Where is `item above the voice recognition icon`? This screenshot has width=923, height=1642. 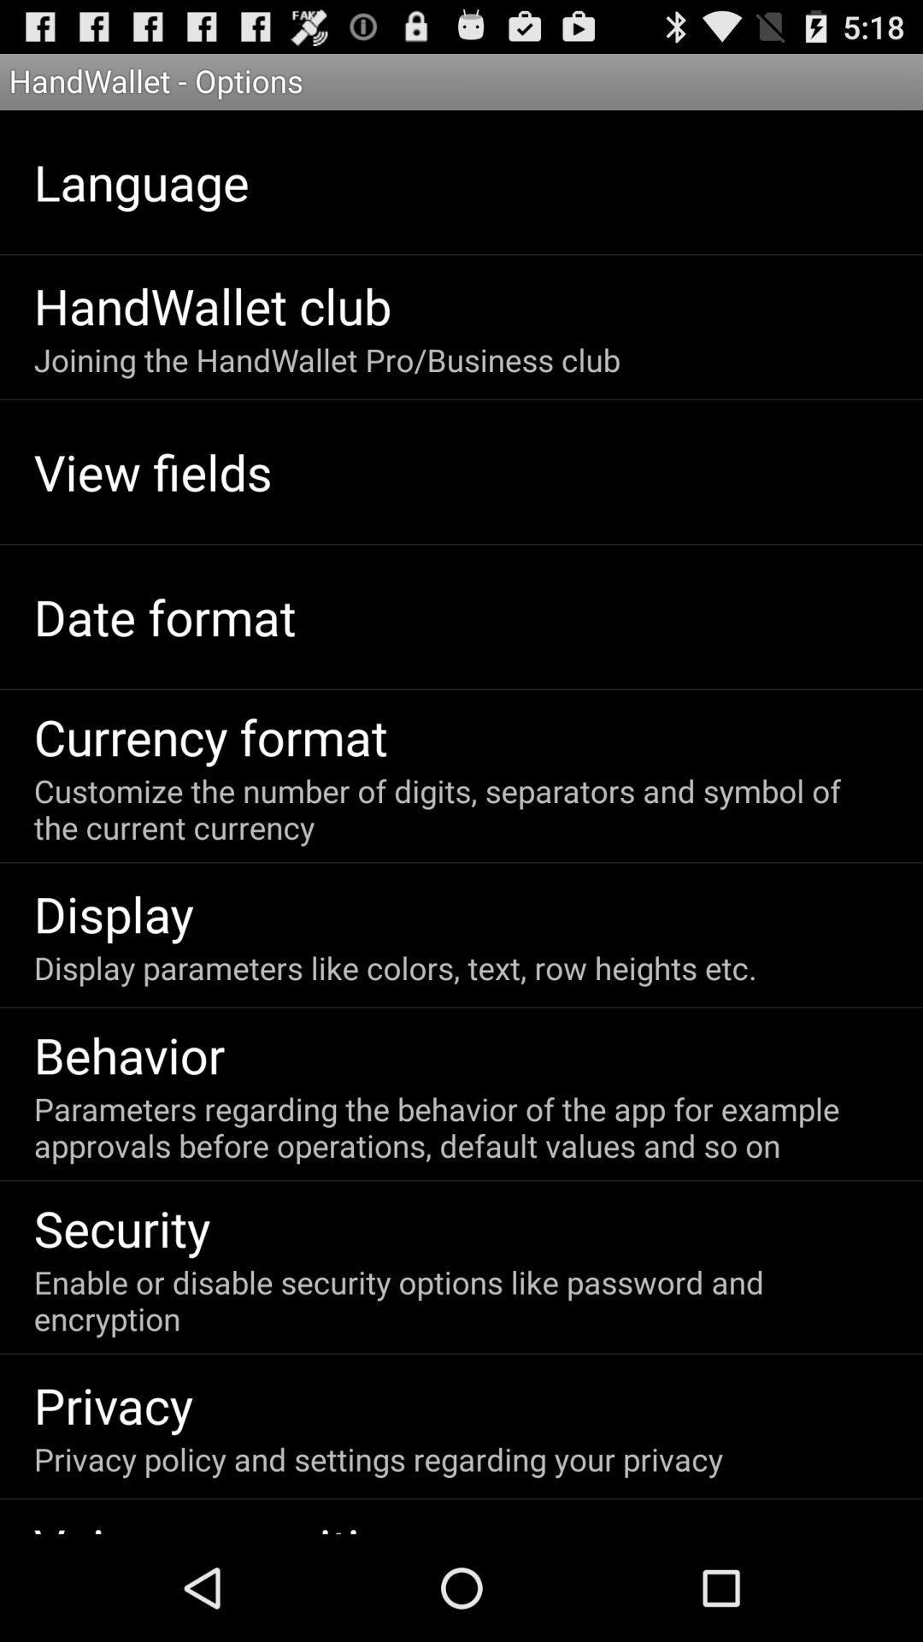
item above the voice recognition icon is located at coordinates (377, 1458).